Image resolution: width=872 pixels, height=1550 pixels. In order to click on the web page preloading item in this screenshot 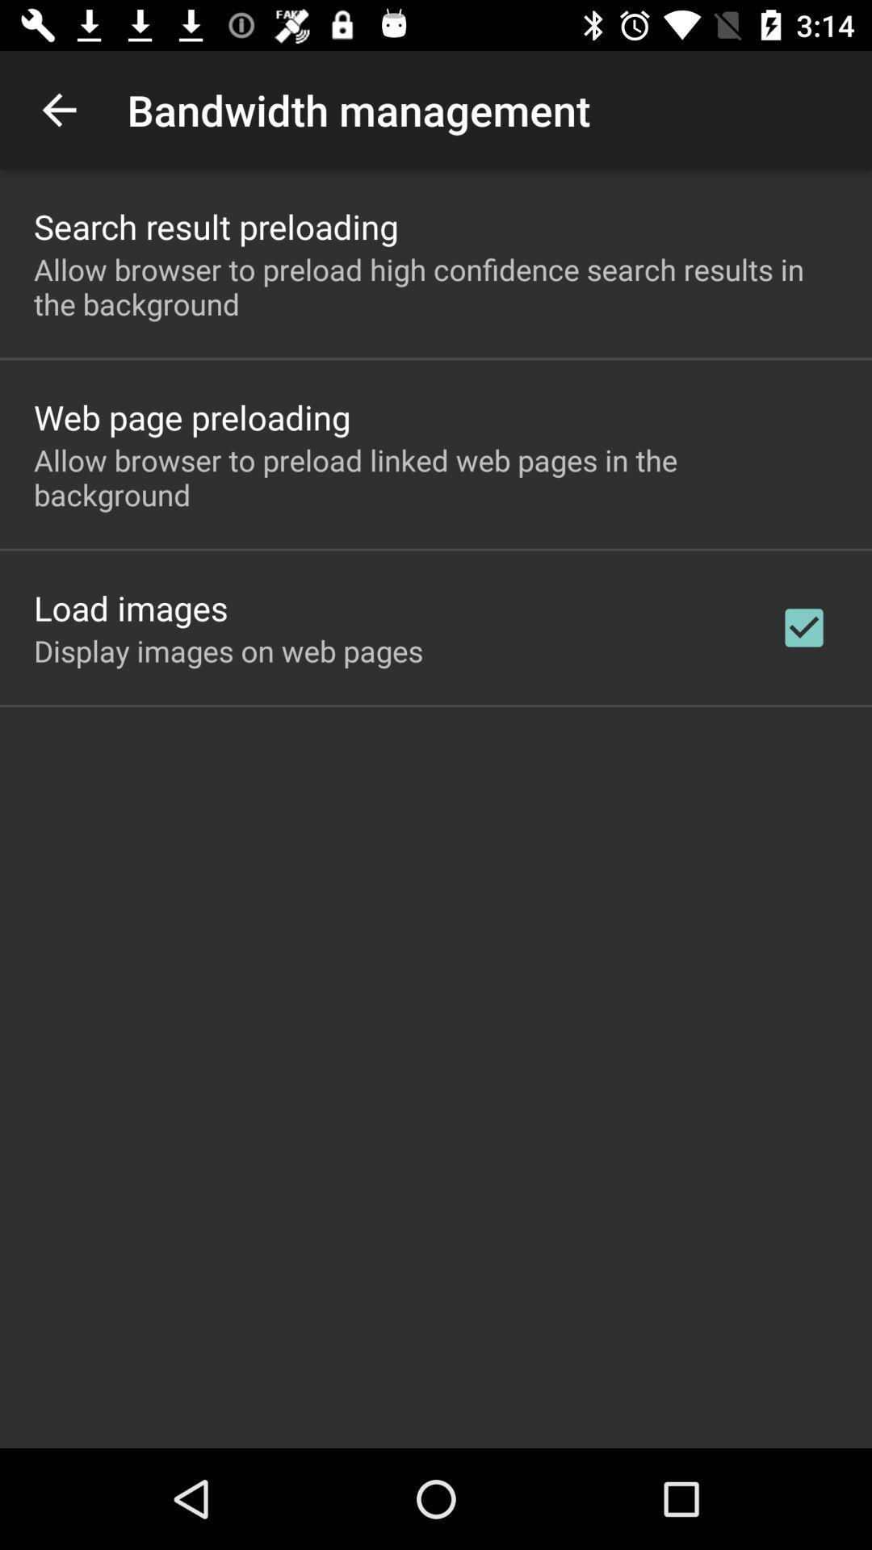, I will do `click(191, 417)`.